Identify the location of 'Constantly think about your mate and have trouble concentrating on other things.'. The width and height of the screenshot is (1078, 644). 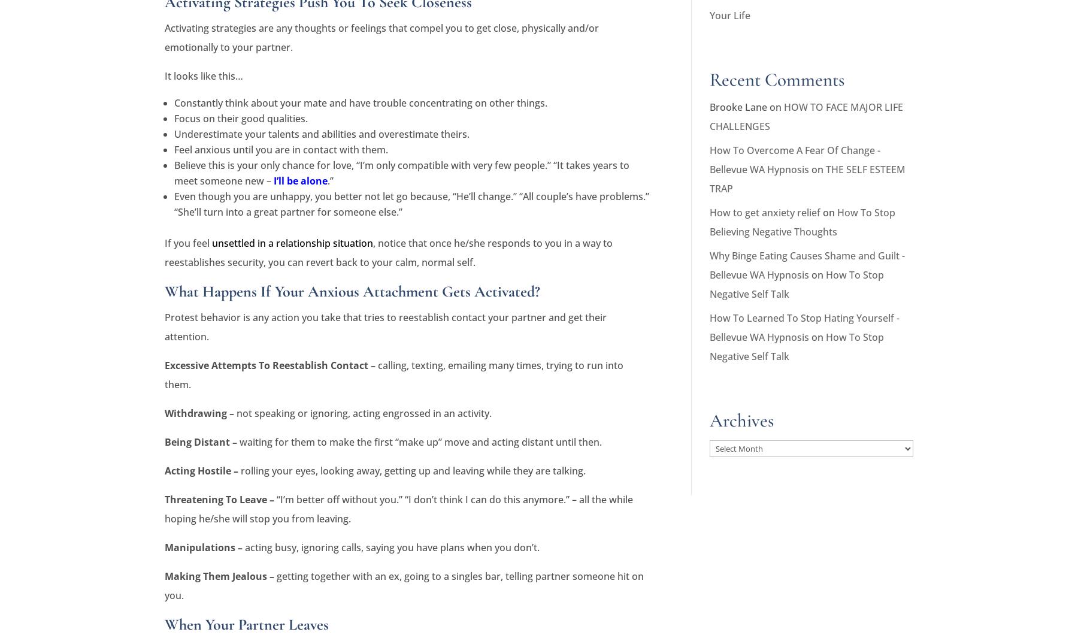
(361, 103).